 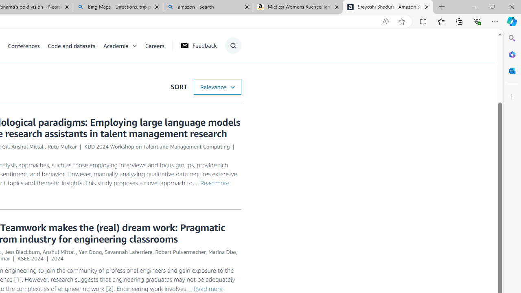 I want to click on 'KDD 2024 Workshop on Talent and Management Computing', so click(x=157, y=146).